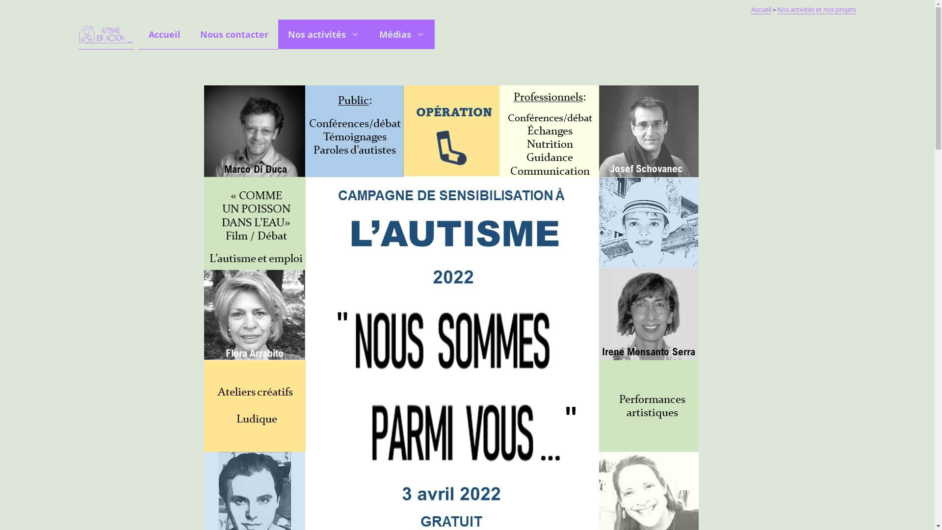  What do you see at coordinates (106, 34) in the screenshot?
I see `'Autisme en Action'` at bounding box center [106, 34].